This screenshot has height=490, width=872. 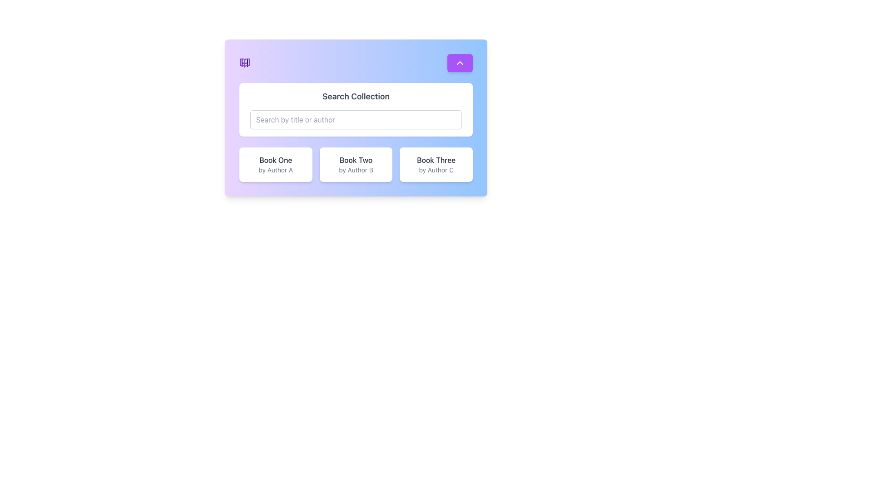 I want to click on the 'Book One' text element, which is displayed in a medium-sized bold dark gray font within a white rounded rectangle card, positioned above another text element ('by Author A'), so click(x=275, y=160).